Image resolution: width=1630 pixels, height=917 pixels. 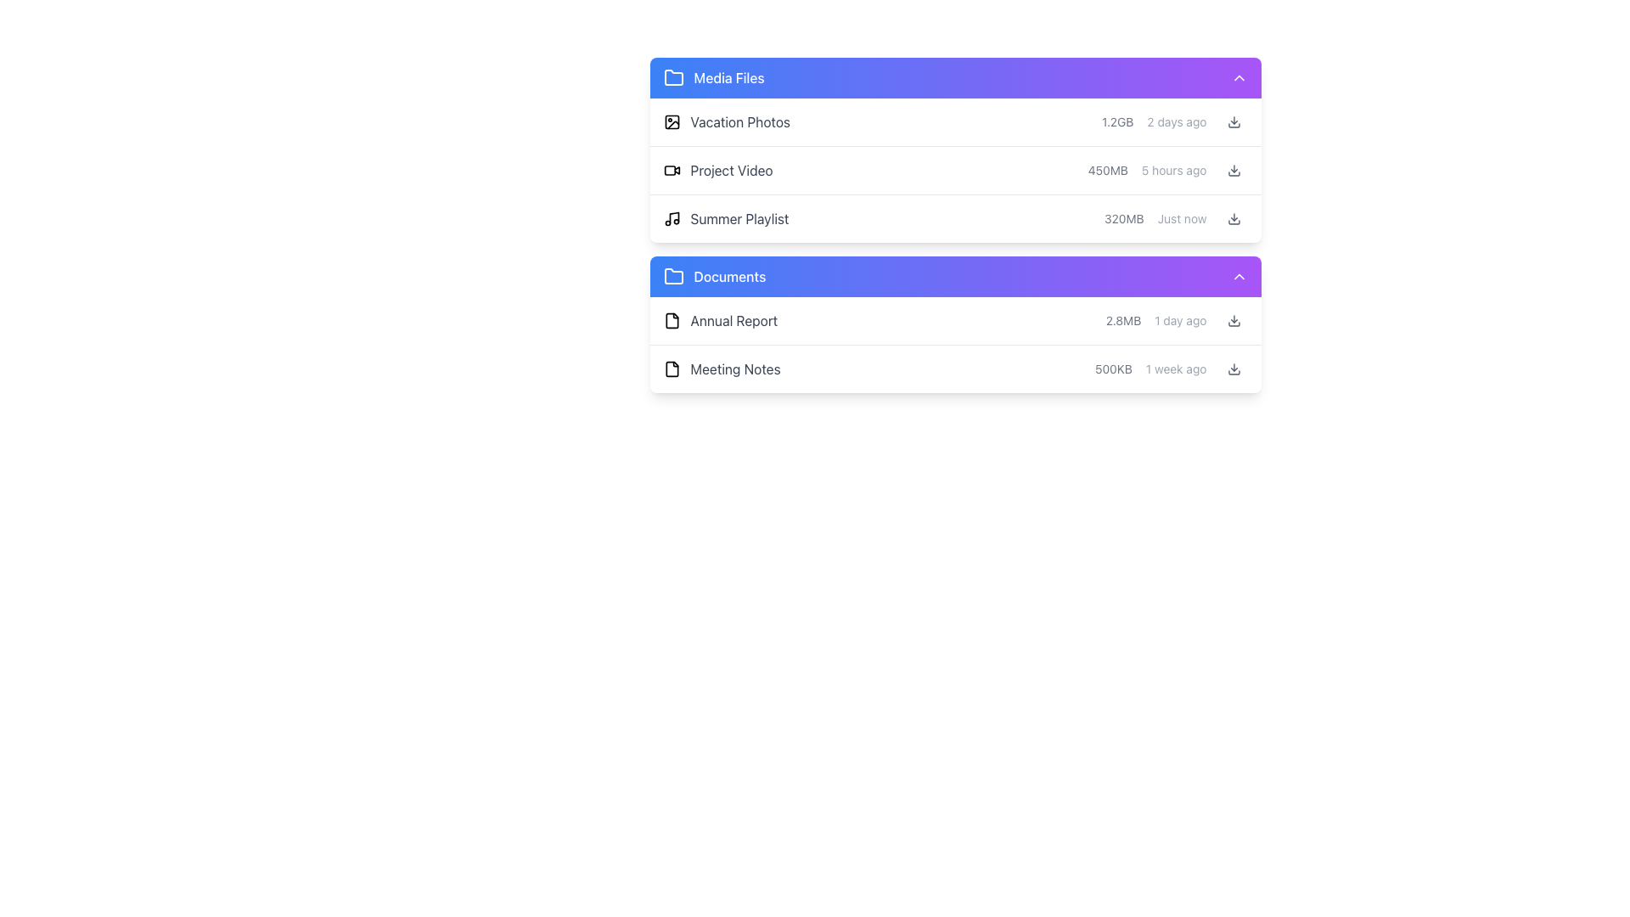 I want to click on the download icon button for the 'Summer Playlist' file to initiate the download, so click(x=1234, y=218).